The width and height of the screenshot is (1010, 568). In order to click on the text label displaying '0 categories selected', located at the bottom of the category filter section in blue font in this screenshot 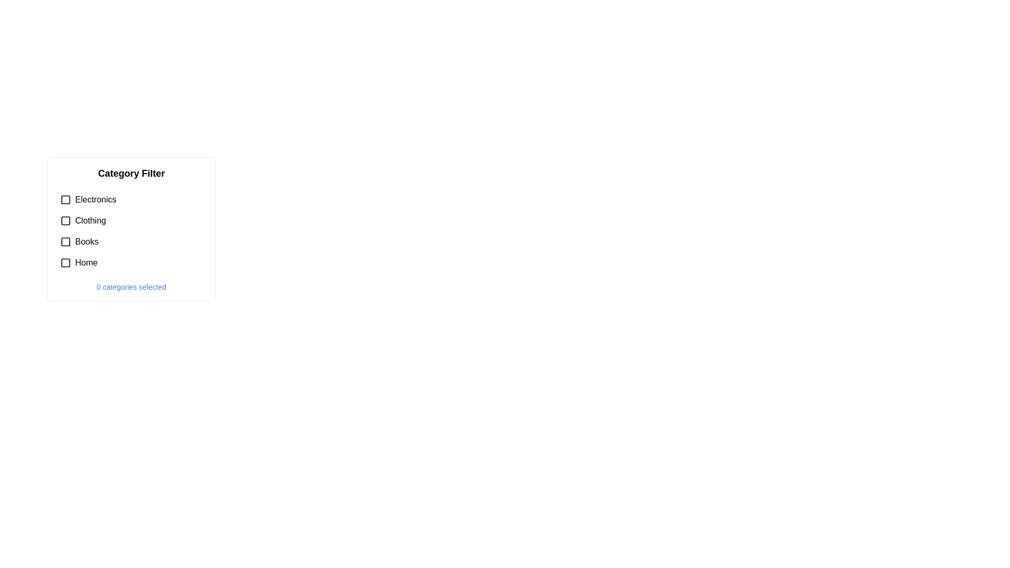, I will do `click(130, 287)`.